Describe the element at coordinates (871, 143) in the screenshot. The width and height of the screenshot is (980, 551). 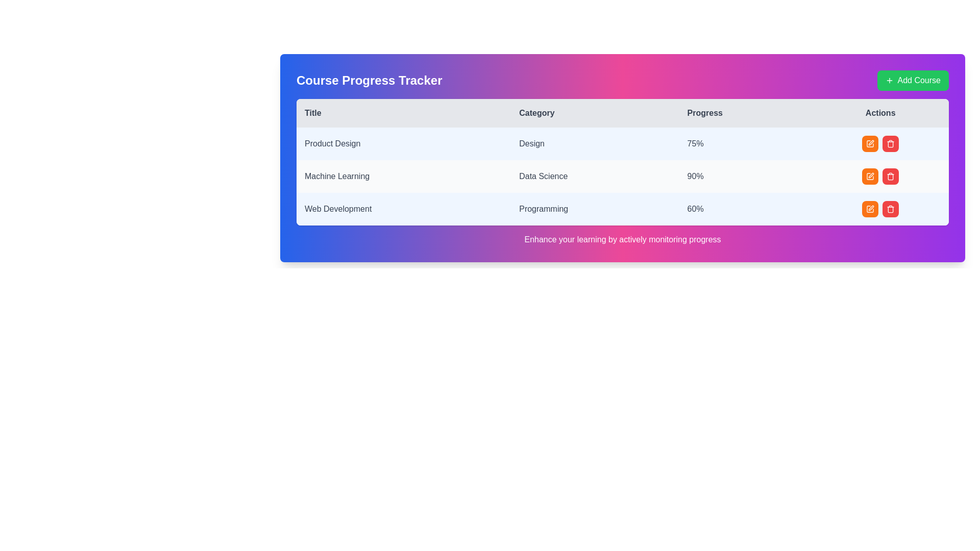
I see `the orange pen icon located in the rightmost 'Actions' column of the second row in the 'Course Progress Tracker' for the 'Machine Learning' course` at that location.